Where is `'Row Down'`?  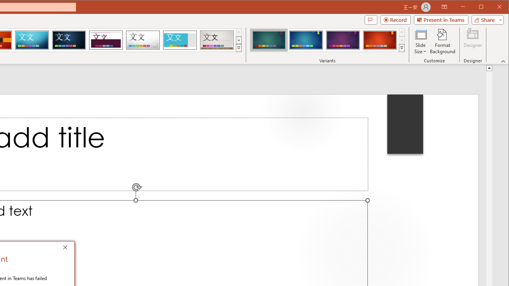 'Row Down' is located at coordinates (402, 40).